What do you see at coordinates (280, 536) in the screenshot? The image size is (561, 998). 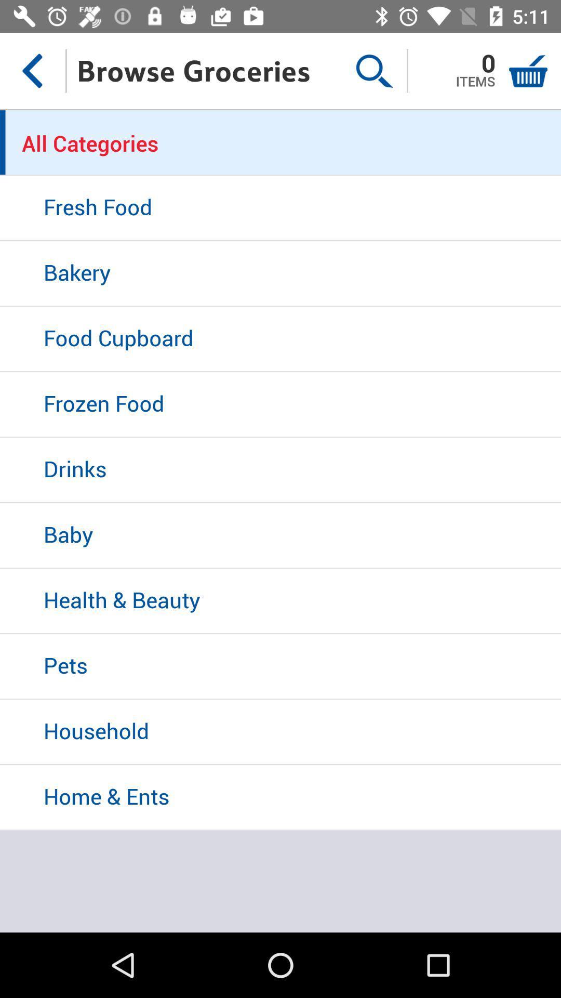 I see `the item below the drinks` at bounding box center [280, 536].